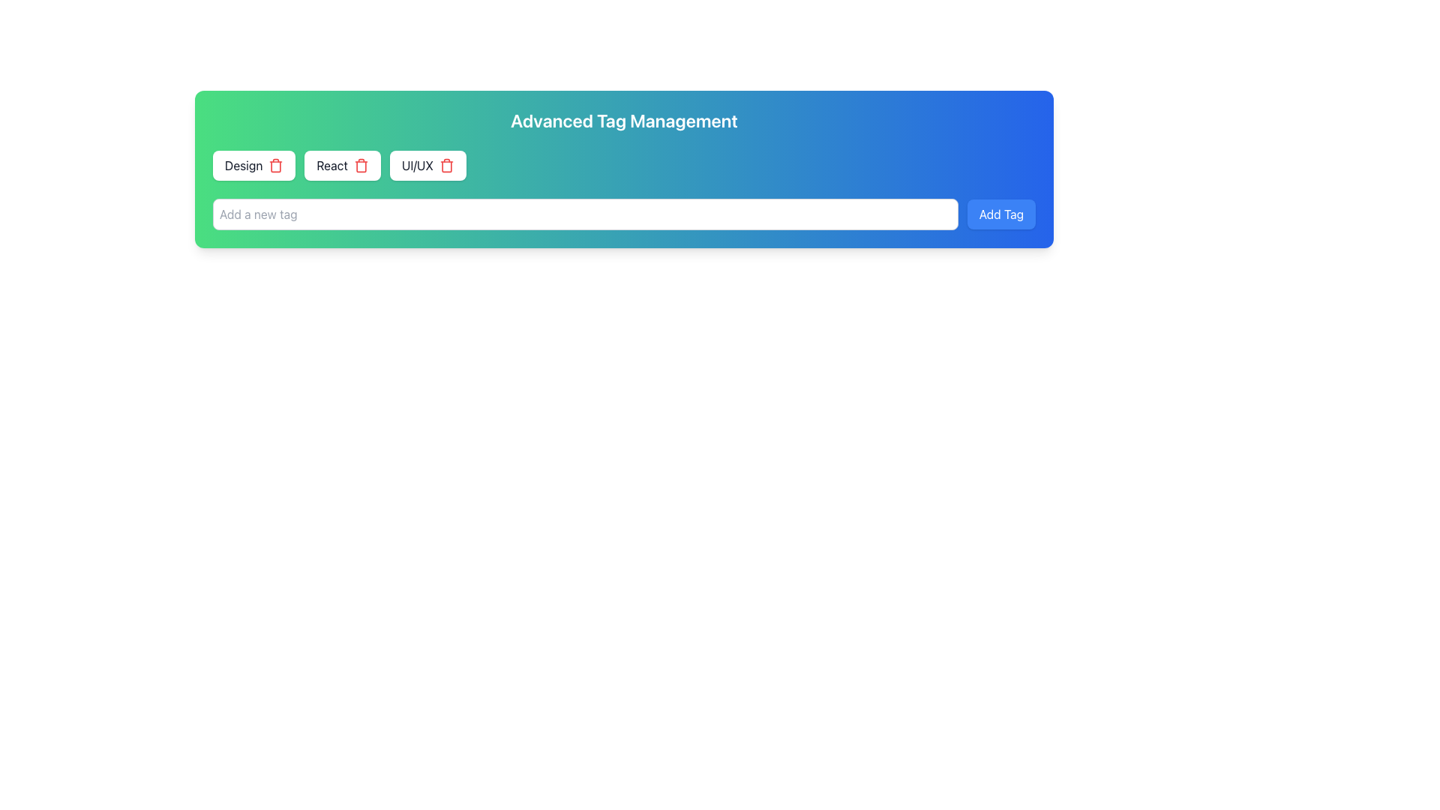 The height and width of the screenshot is (810, 1440). What do you see at coordinates (624, 120) in the screenshot?
I see `the title text element located at the top-center of the panel with a green-to-blue gradient background, which serves to inform users about the purpose of the section` at bounding box center [624, 120].